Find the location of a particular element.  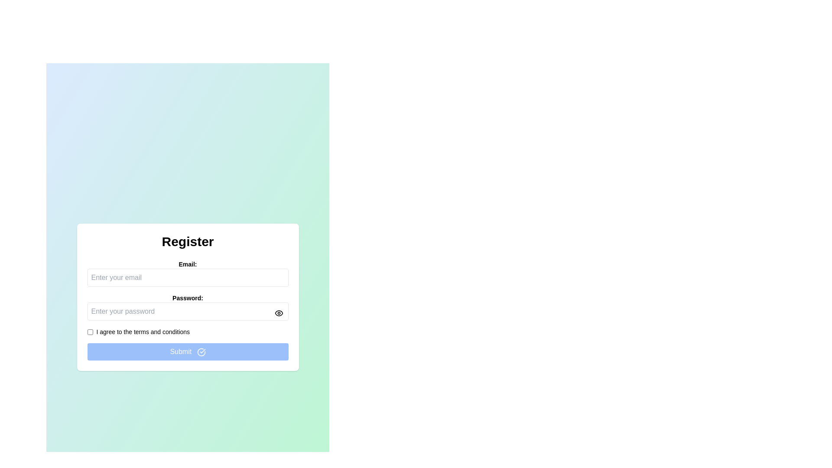

the label displaying 'Email:' which is located to the left of the email input field in the 'Register' form section is located at coordinates (187, 263).